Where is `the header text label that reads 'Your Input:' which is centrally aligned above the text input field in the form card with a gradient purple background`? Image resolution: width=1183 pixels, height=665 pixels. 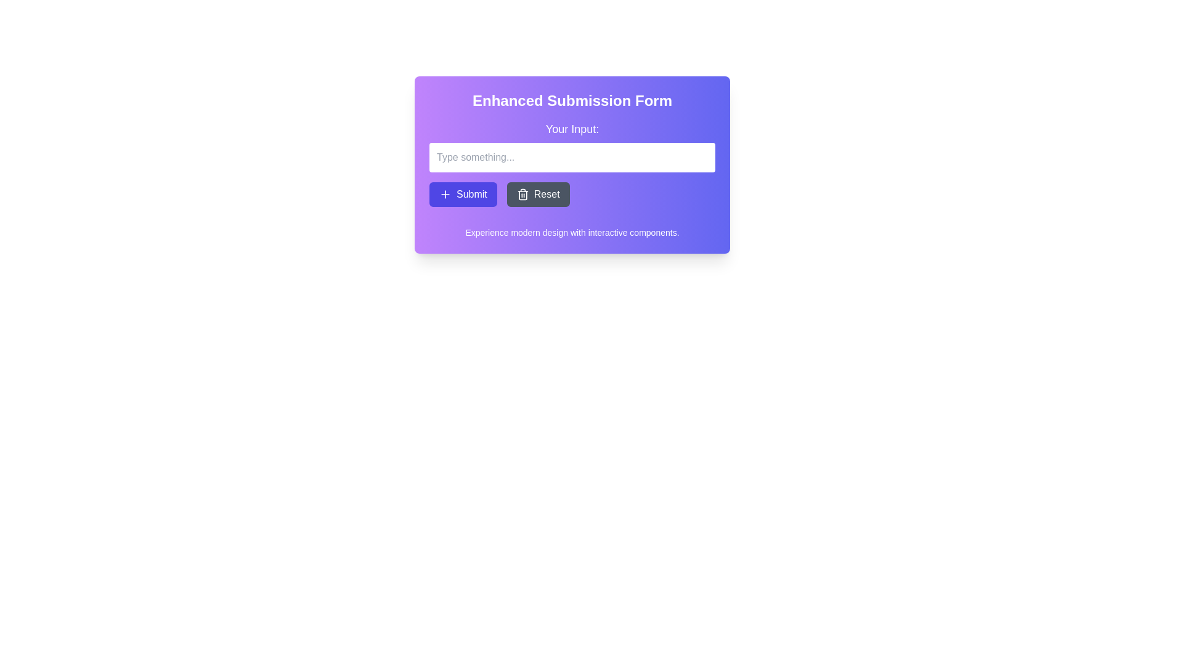
the header text label that reads 'Your Input:' which is centrally aligned above the text input field in the form card with a gradient purple background is located at coordinates (572, 129).